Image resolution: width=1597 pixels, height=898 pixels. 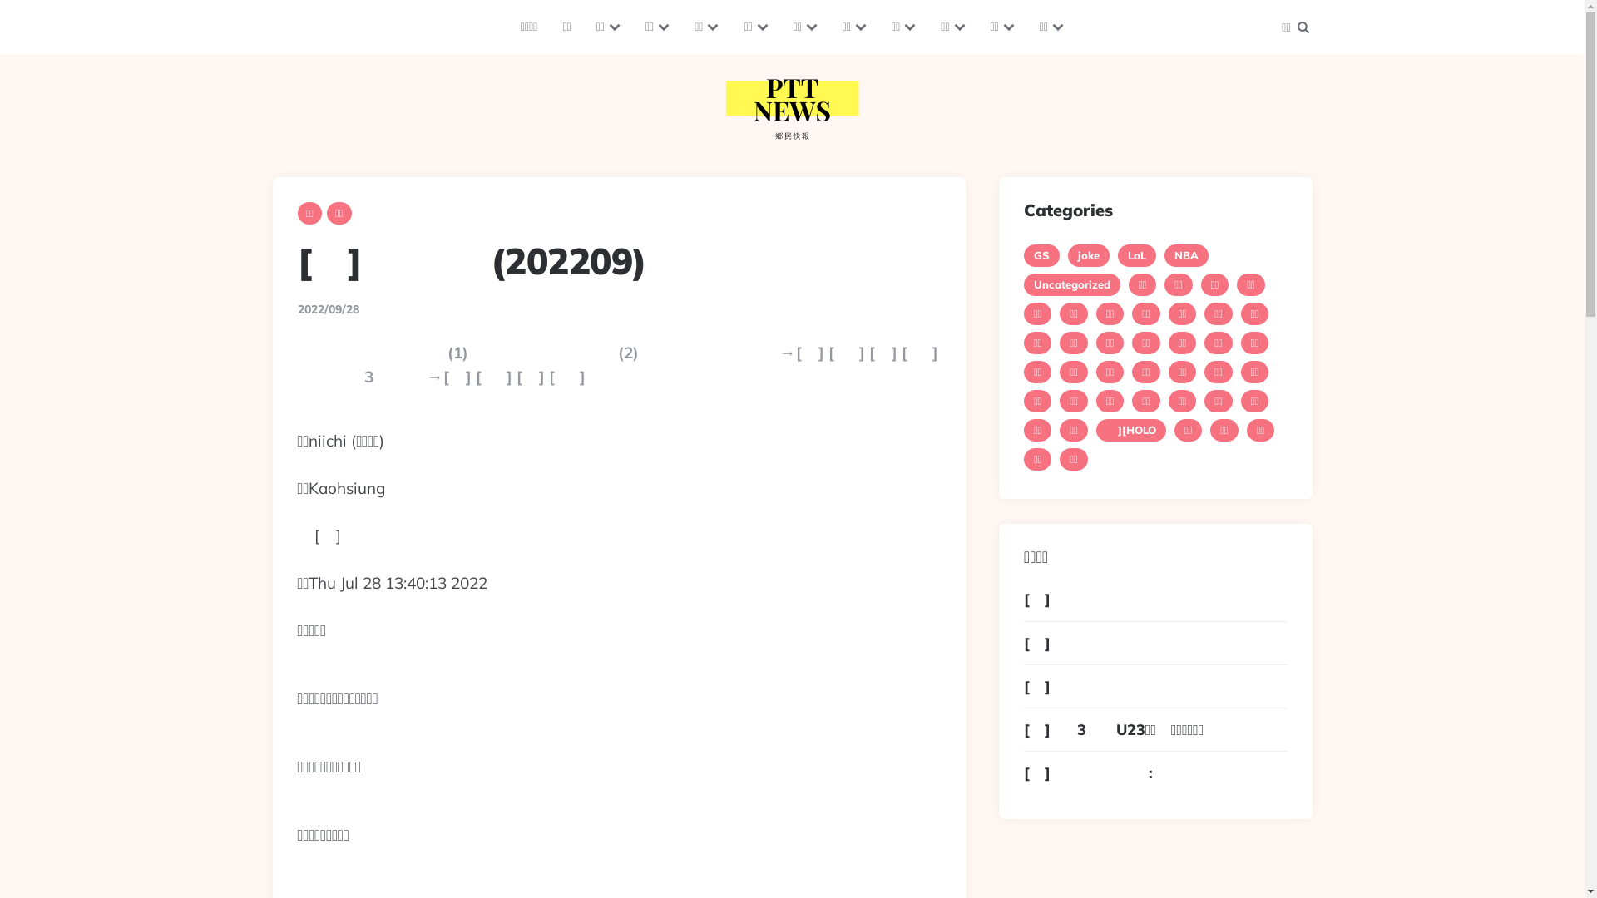 What do you see at coordinates (1022, 255) in the screenshot?
I see `'GS'` at bounding box center [1022, 255].